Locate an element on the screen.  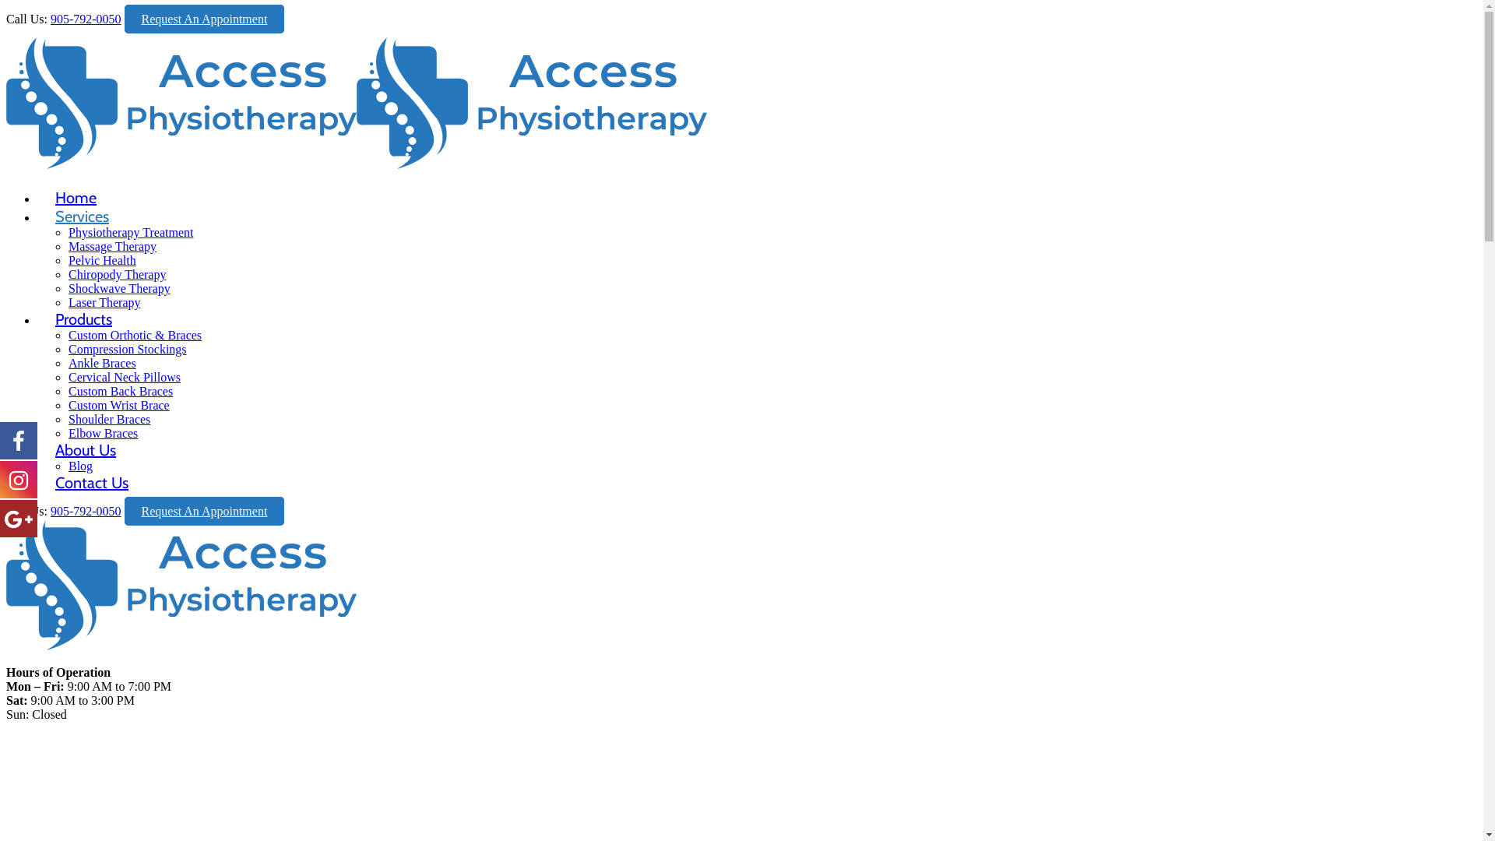
'Products' is located at coordinates (83, 306).